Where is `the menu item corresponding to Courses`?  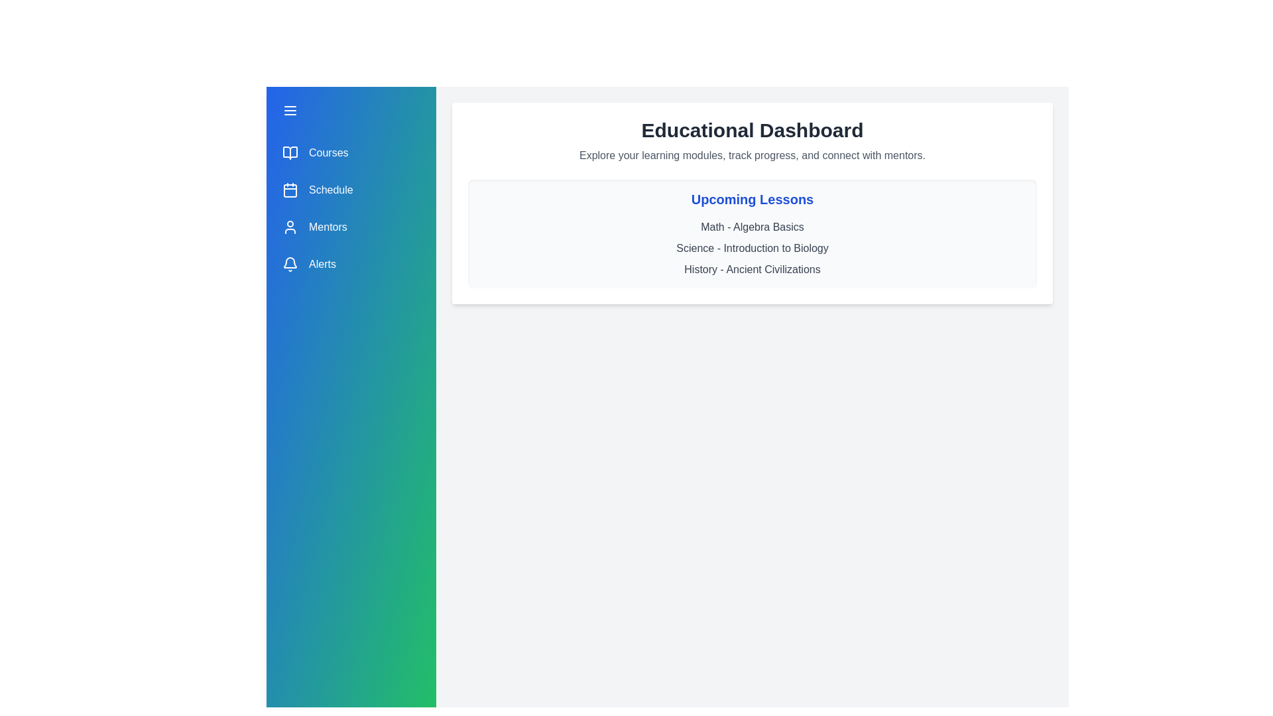
the menu item corresponding to Courses is located at coordinates (351, 152).